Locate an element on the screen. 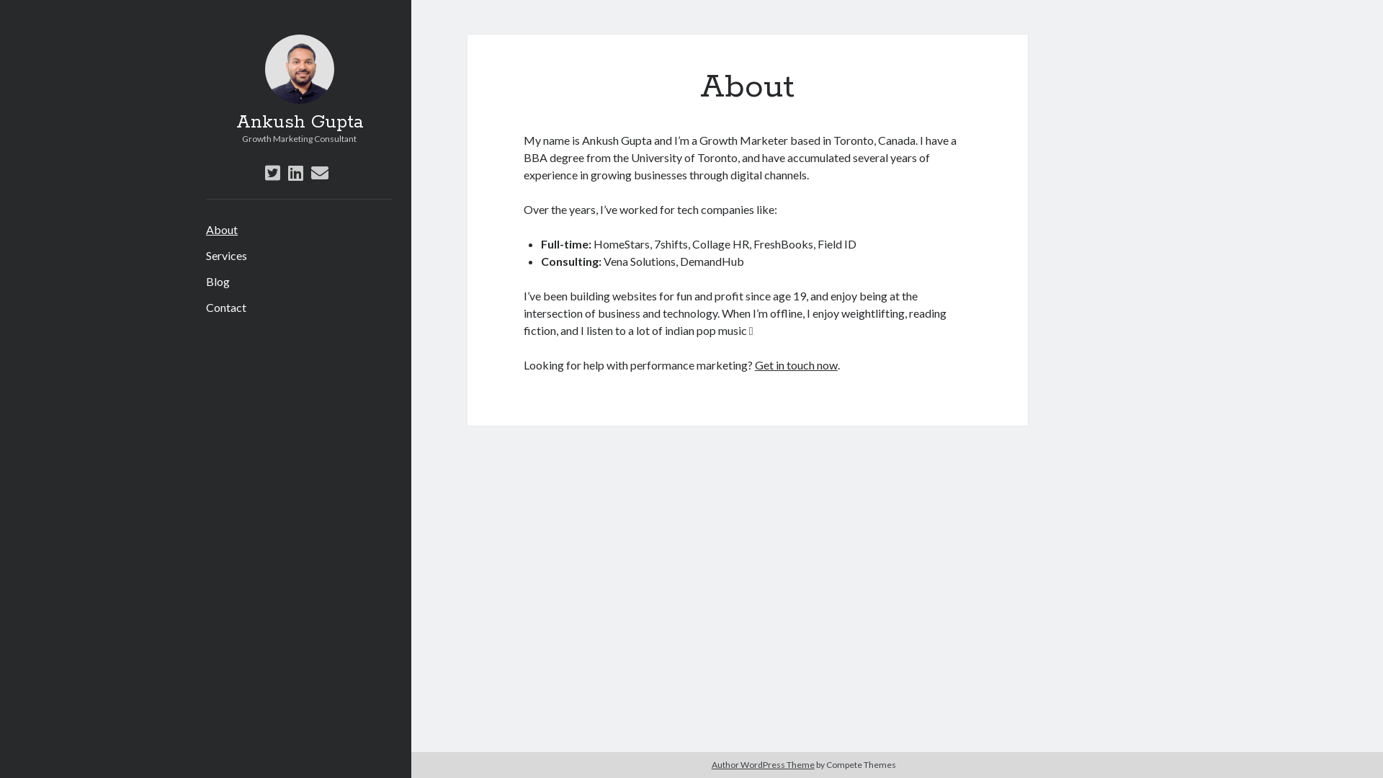 This screenshot has width=1383, height=778. 'twitter' is located at coordinates (272, 171).